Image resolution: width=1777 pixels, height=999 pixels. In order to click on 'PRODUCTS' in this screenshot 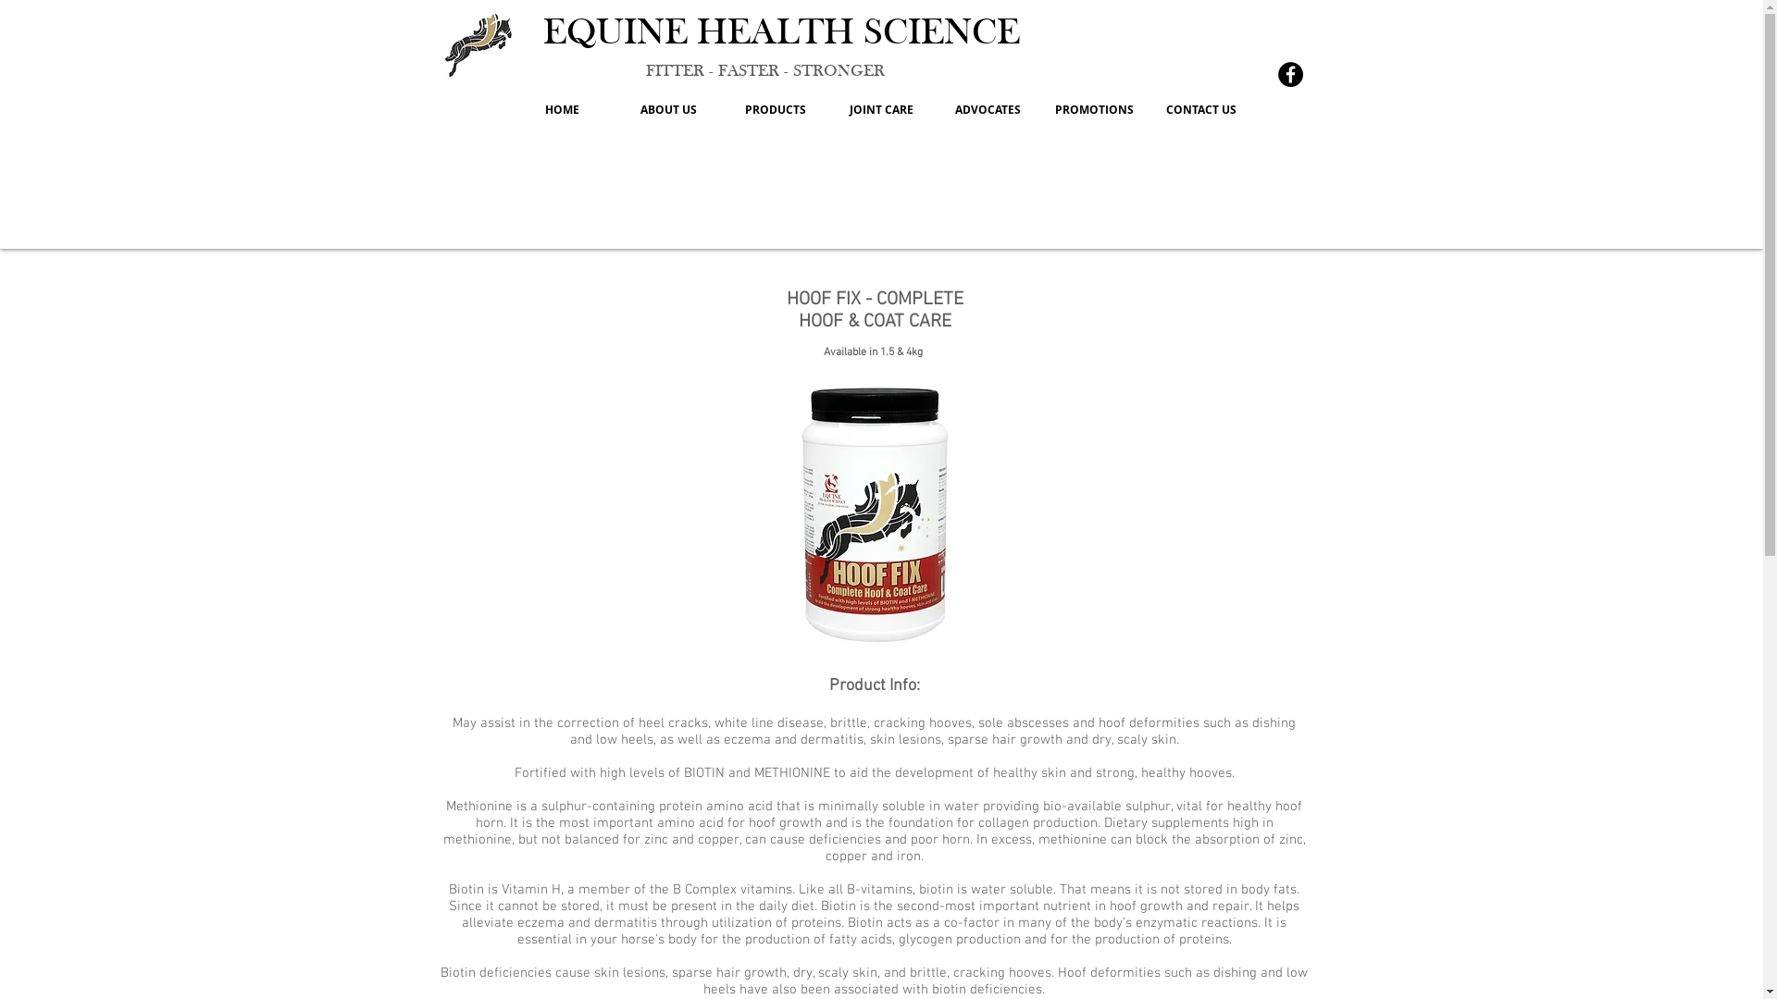, I will do `click(775, 110)`.